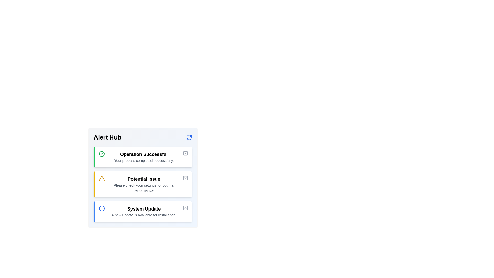  What do you see at coordinates (102, 153) in the screenshot?
I see `the green circular icon with a checkmark inside it, indicating a 'success' or 'confirmation' symbol, located to the left of the text 'Operation Successful'` at bounding box center [102, 153].